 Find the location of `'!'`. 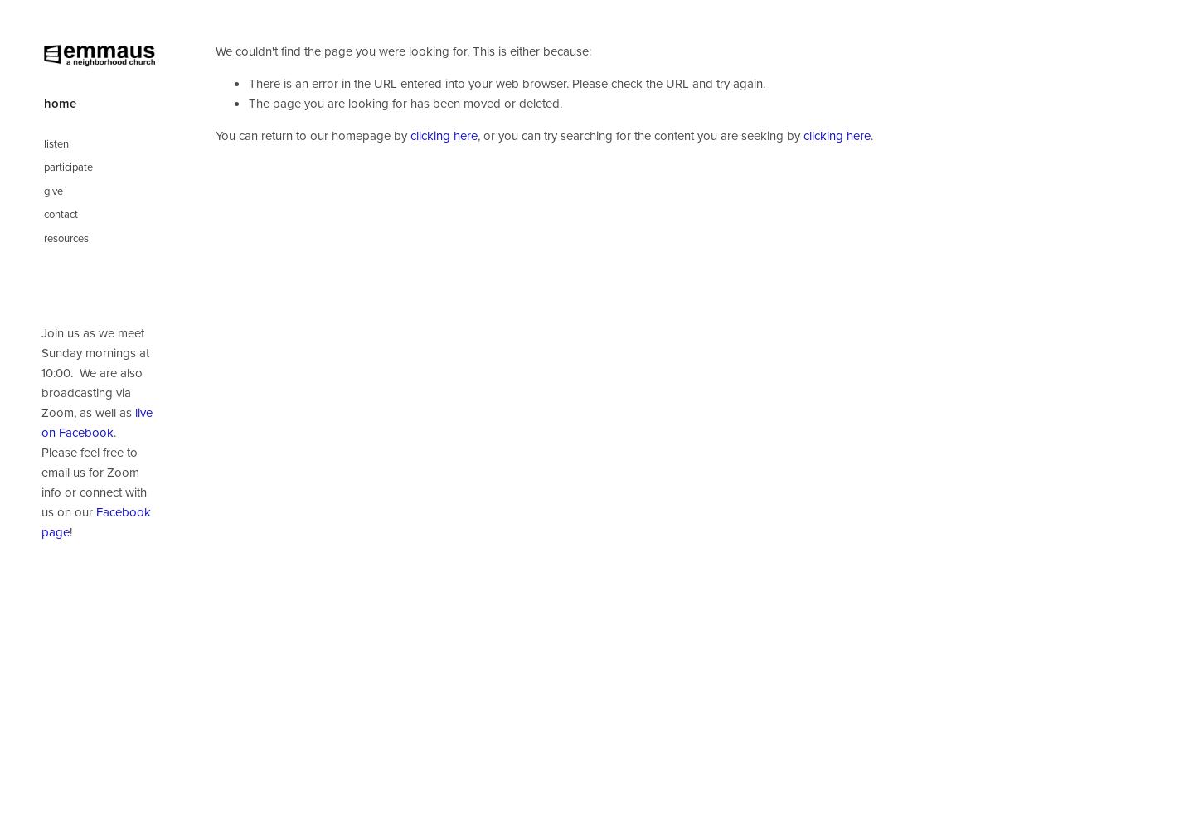

'!' is located at coordinates (70, 531).